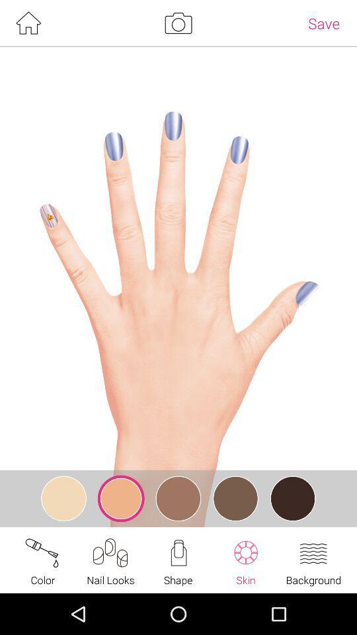 The width and height of the screenshot is (357, 635). Describe the element at coordinates (28, 24) in the screenshot. I see `the home icon` at that location.